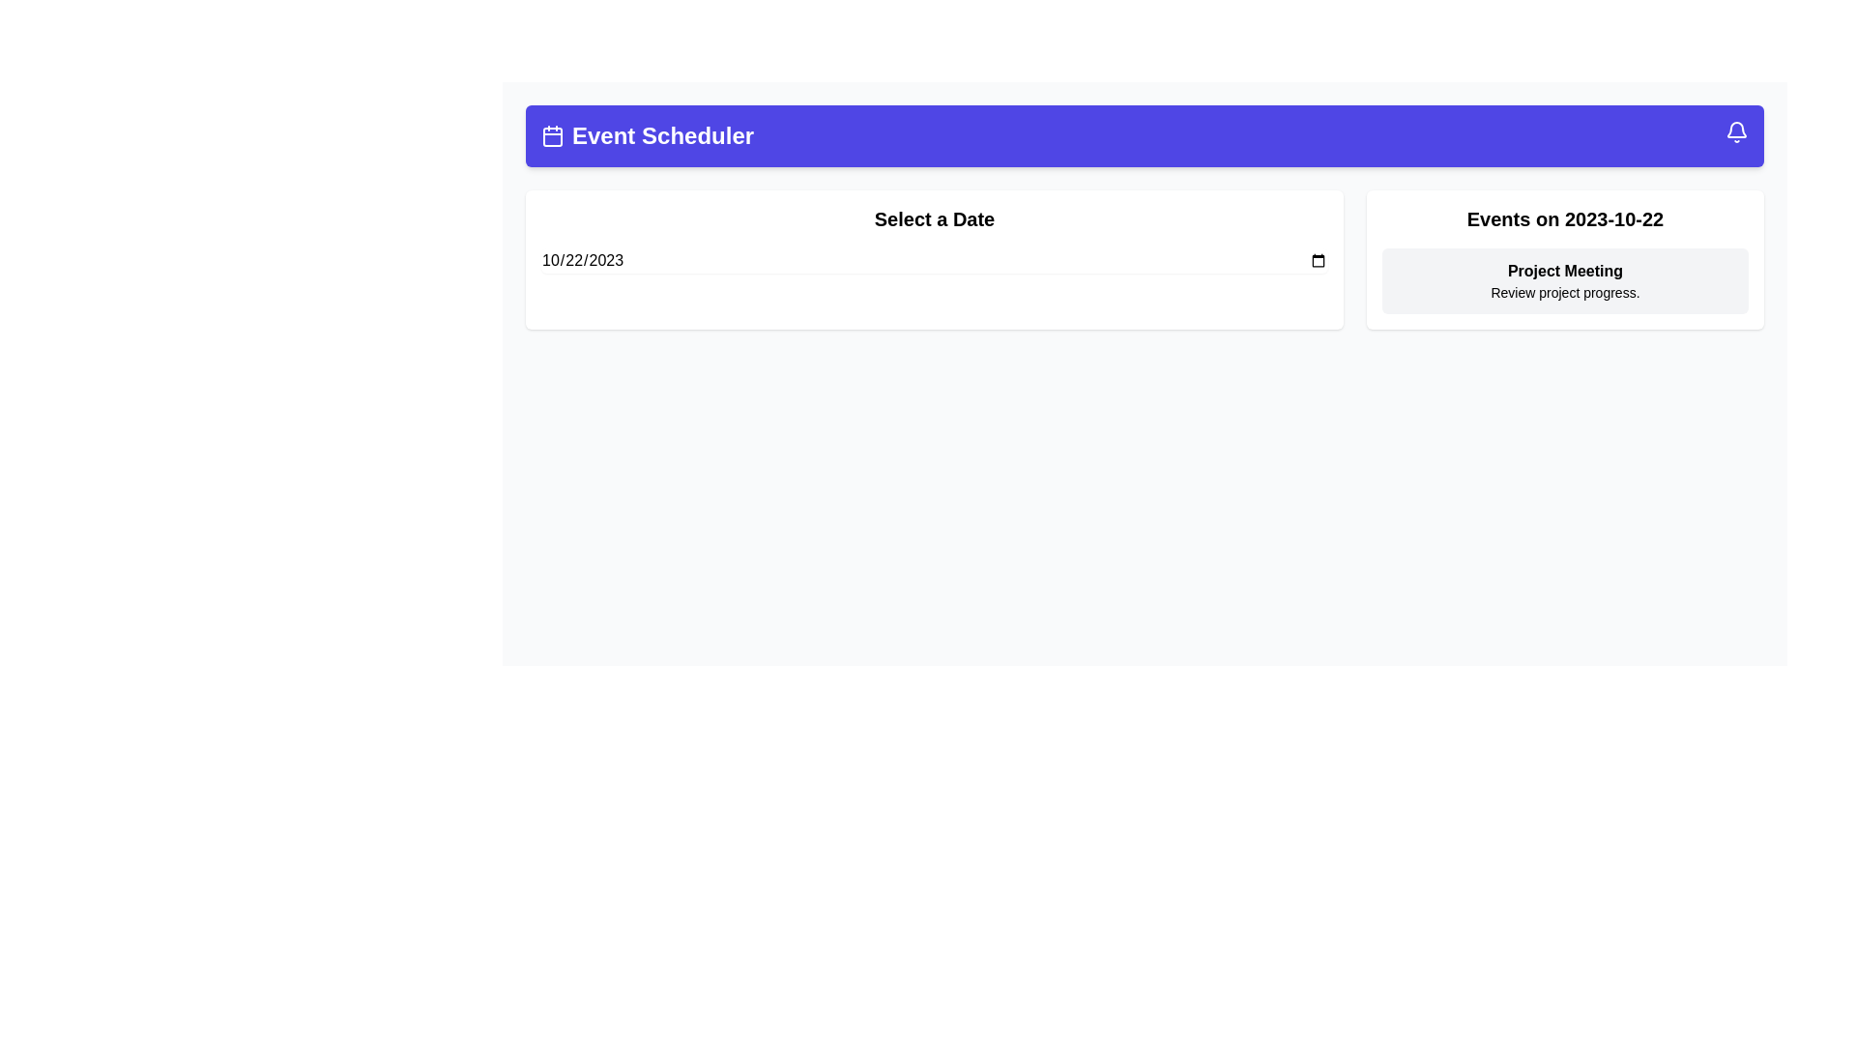 This screenshot has width=1856, height=1044. What do you see at coordinates (934, 261) in the screenshot?
I see `the Date input field located under the 'Select a Date' title to focus on it` at bounding box center [934, 261].